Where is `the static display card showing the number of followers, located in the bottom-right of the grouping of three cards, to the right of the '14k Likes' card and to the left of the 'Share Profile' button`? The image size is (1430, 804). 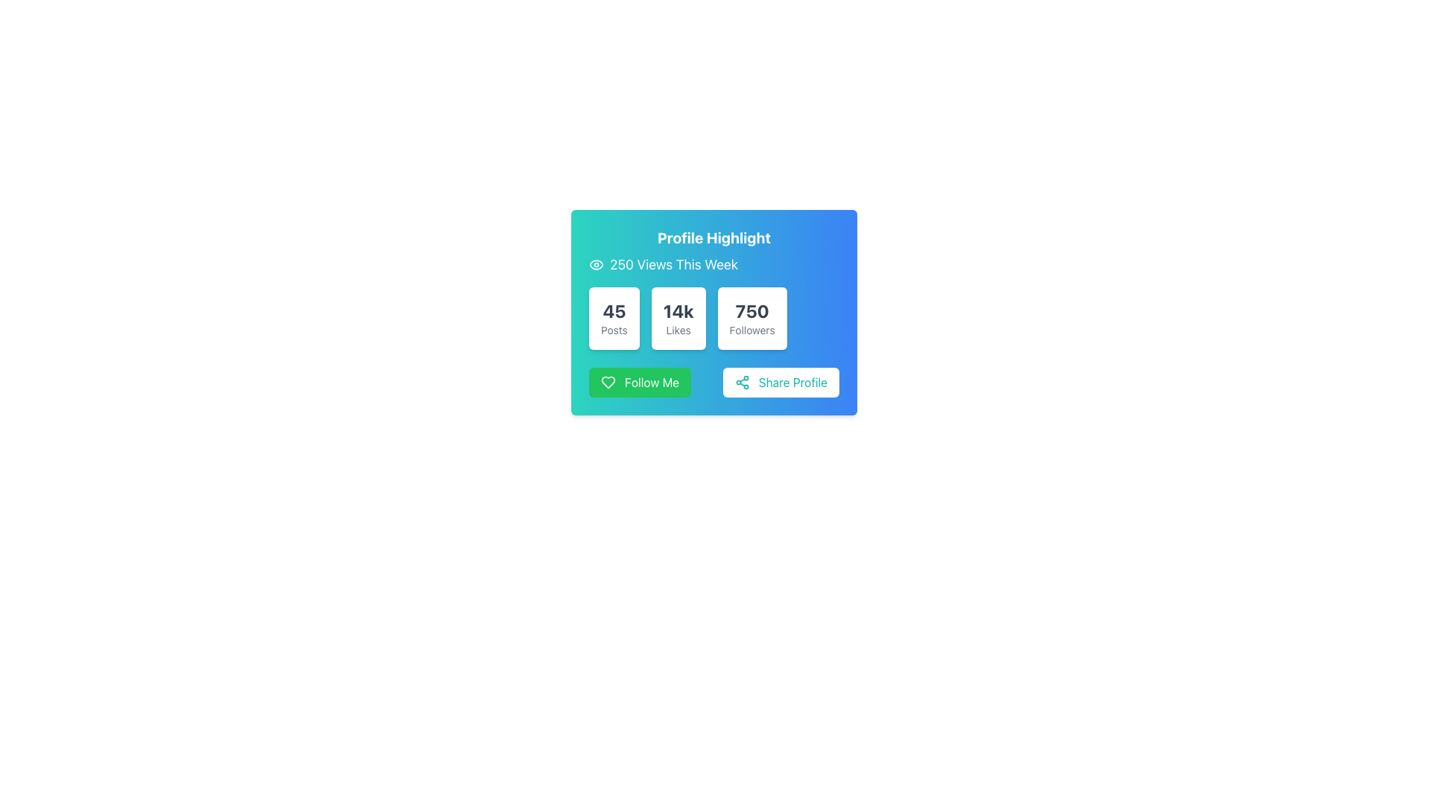
the static display card showing the number of followers, located in the bottom-right of the grouping of three cards, to the right of the '14k Likes' card and to the left of the 'Share Profile' button is located at coordinates (752, 318).